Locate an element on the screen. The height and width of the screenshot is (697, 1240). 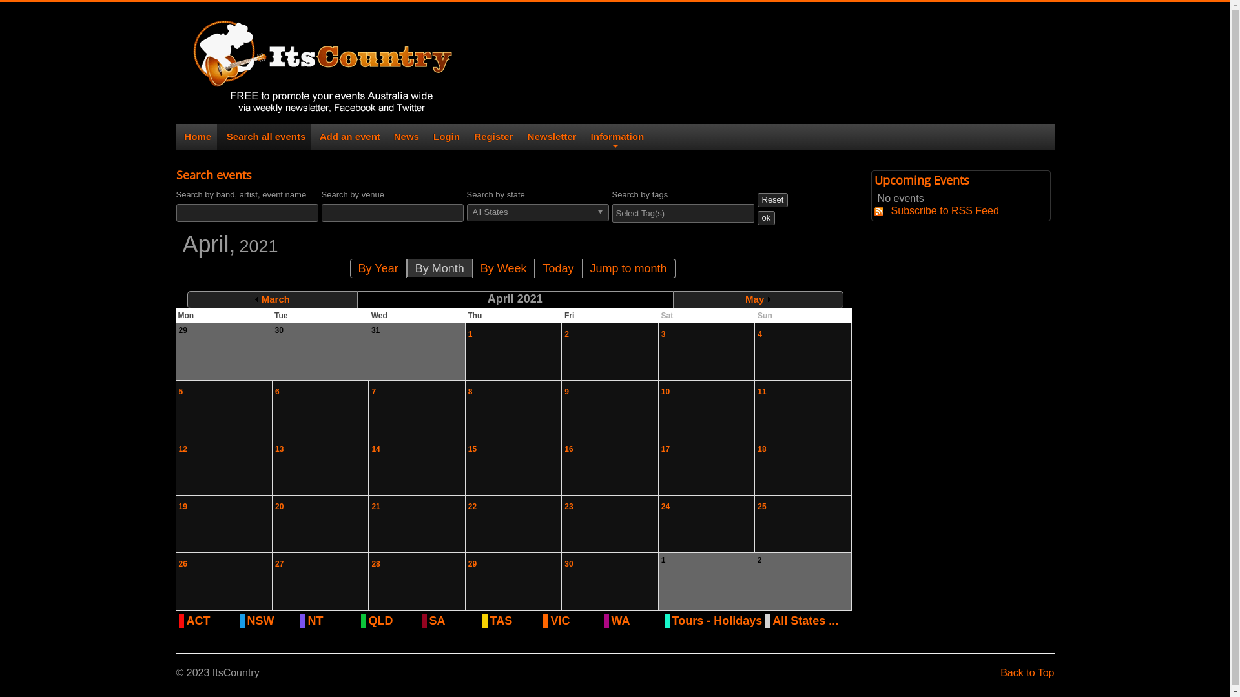
'NSW' is located at coordinates (271, 620).